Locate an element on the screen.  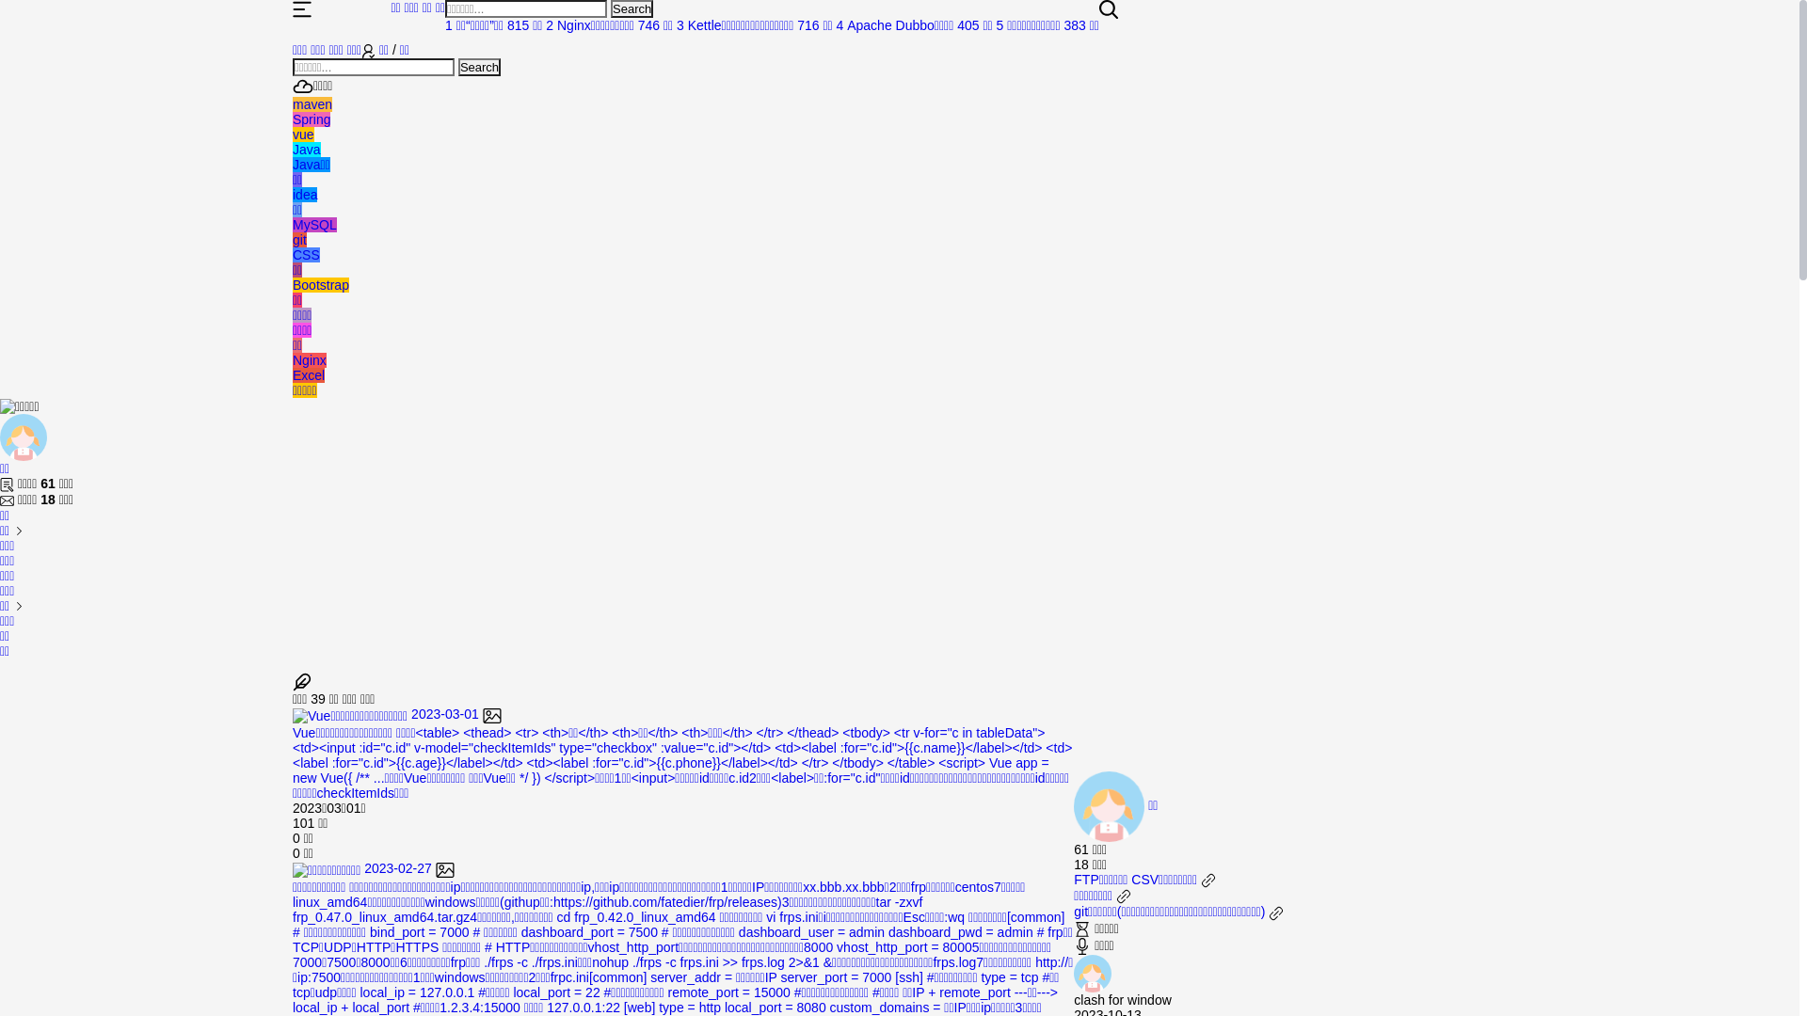
'Java' is located at coordinates (307, 148).